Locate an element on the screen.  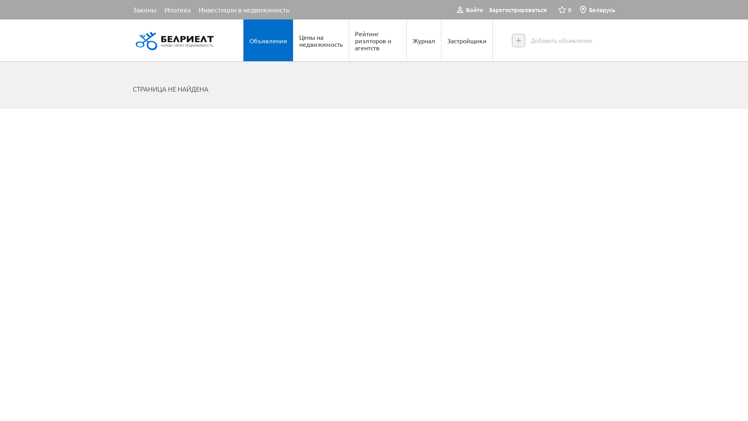
'0' is located at coordinates (558, 9).